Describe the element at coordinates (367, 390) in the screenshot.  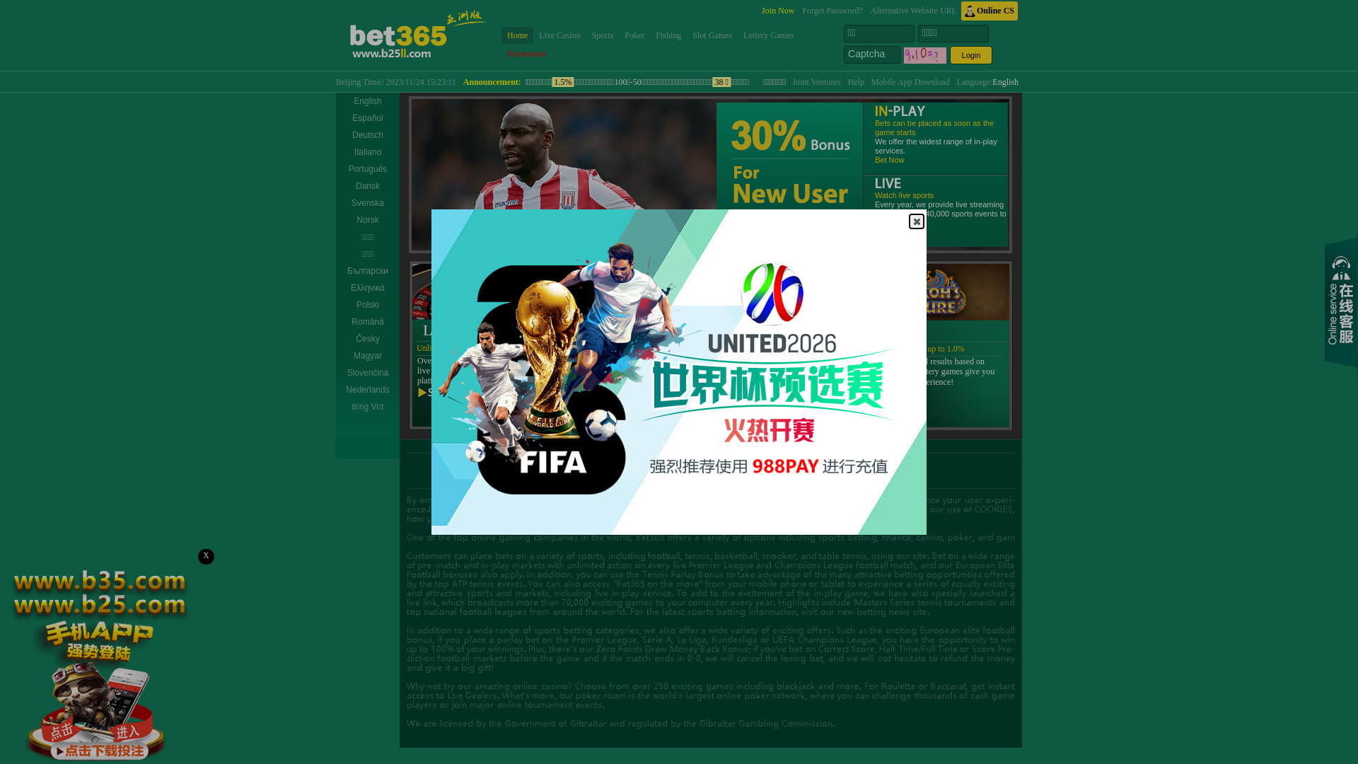
I see `'Nederlands'` at that location.